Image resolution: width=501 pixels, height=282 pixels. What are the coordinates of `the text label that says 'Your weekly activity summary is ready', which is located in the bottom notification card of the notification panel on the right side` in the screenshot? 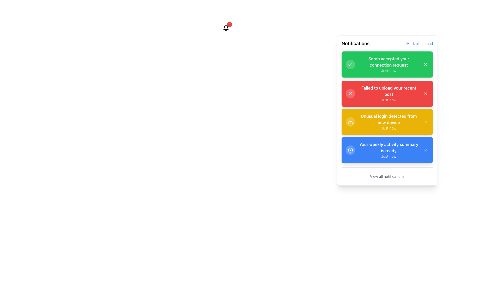 It's located at (389, 147).